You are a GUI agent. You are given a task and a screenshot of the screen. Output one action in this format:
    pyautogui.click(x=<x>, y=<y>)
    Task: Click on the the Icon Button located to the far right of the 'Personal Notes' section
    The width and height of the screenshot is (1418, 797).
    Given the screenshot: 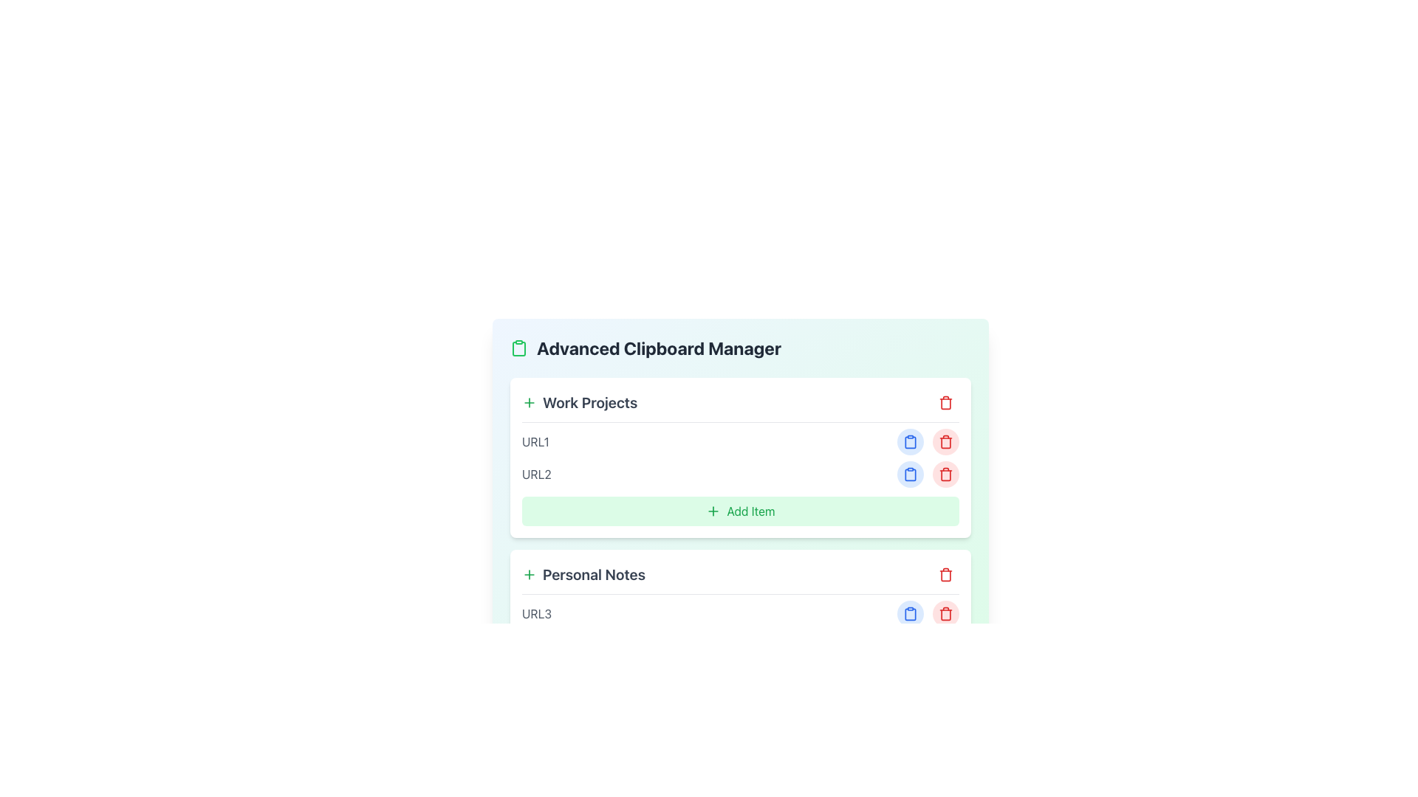 What is the action you would take?
    pyautogui.click(x=946, y=574)
    